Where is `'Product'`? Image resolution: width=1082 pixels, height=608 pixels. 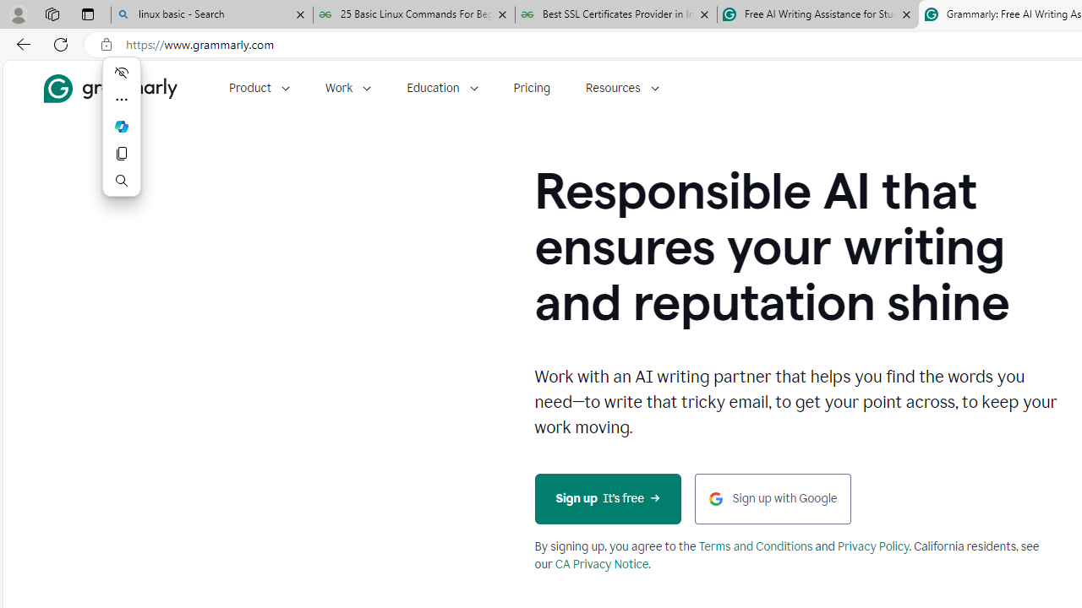
'Product' is located at coordinates (259, 88).